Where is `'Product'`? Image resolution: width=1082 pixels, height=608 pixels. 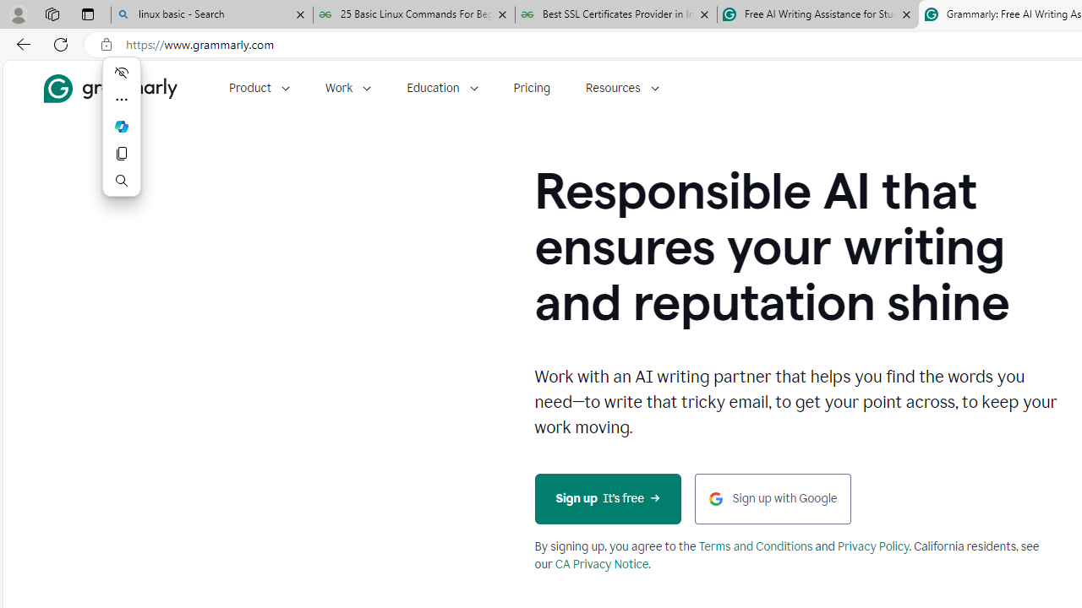
'Product' is located at coordinates (259, 88).